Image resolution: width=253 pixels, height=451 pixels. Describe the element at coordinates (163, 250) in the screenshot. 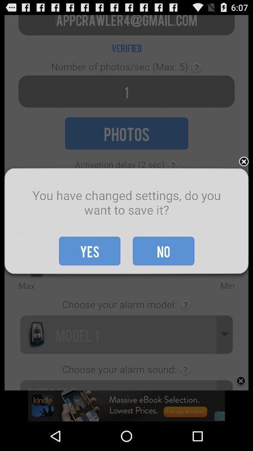

I see `the item to the right of yes icon` at that location.